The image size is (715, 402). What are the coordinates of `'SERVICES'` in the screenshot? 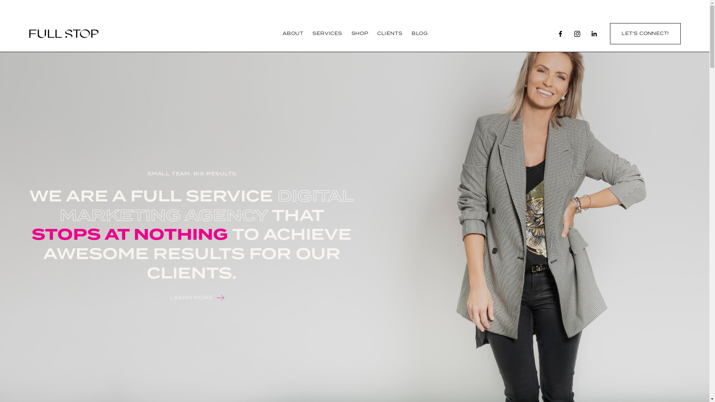 It's located at (327, 34).